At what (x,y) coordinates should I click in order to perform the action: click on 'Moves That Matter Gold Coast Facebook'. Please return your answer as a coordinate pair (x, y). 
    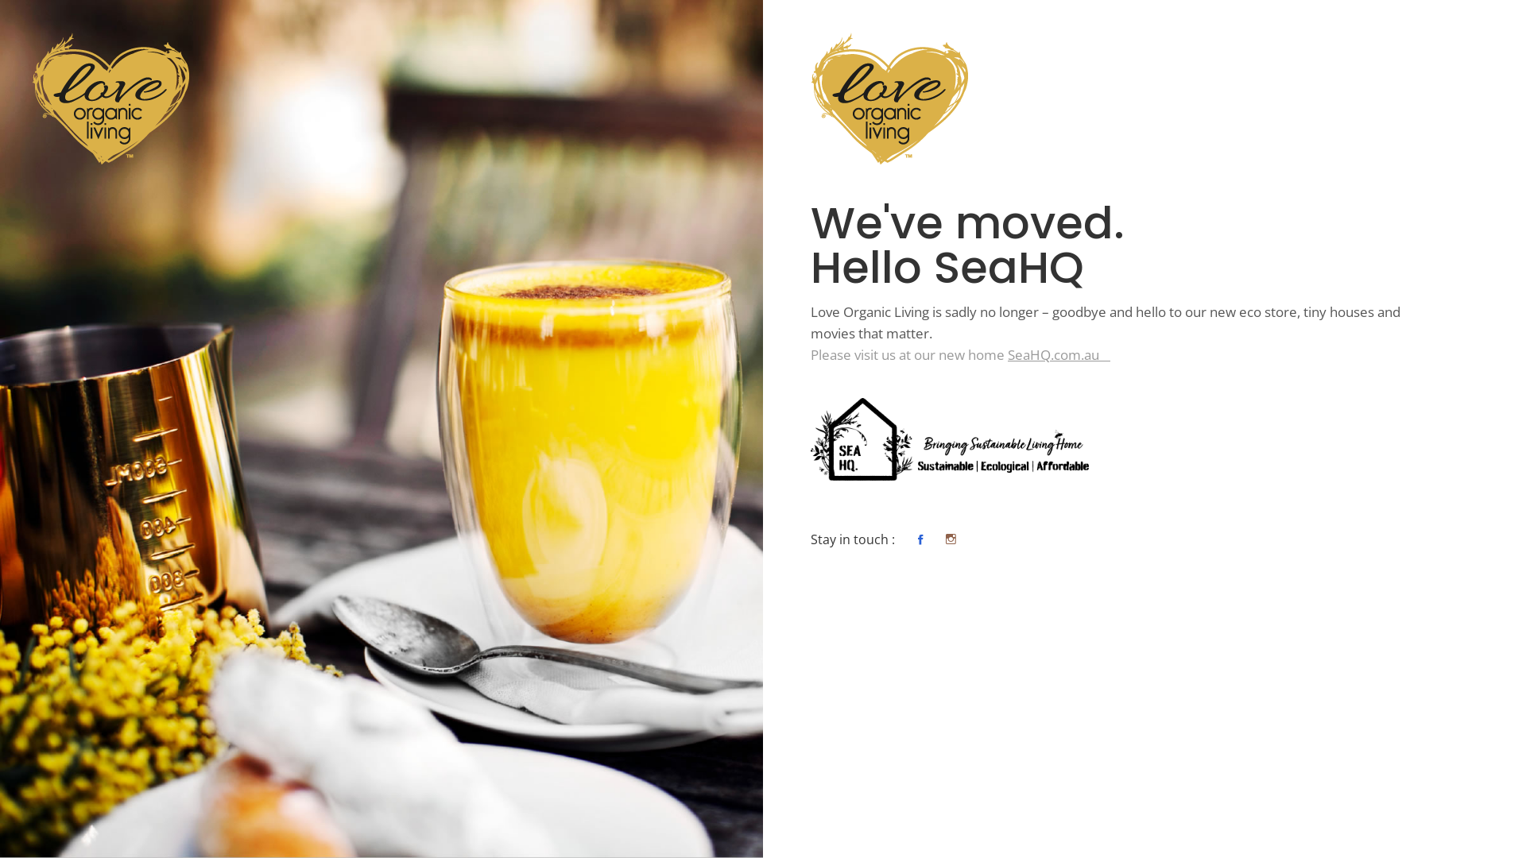
    Looking at the image, I should click on (920, 539).